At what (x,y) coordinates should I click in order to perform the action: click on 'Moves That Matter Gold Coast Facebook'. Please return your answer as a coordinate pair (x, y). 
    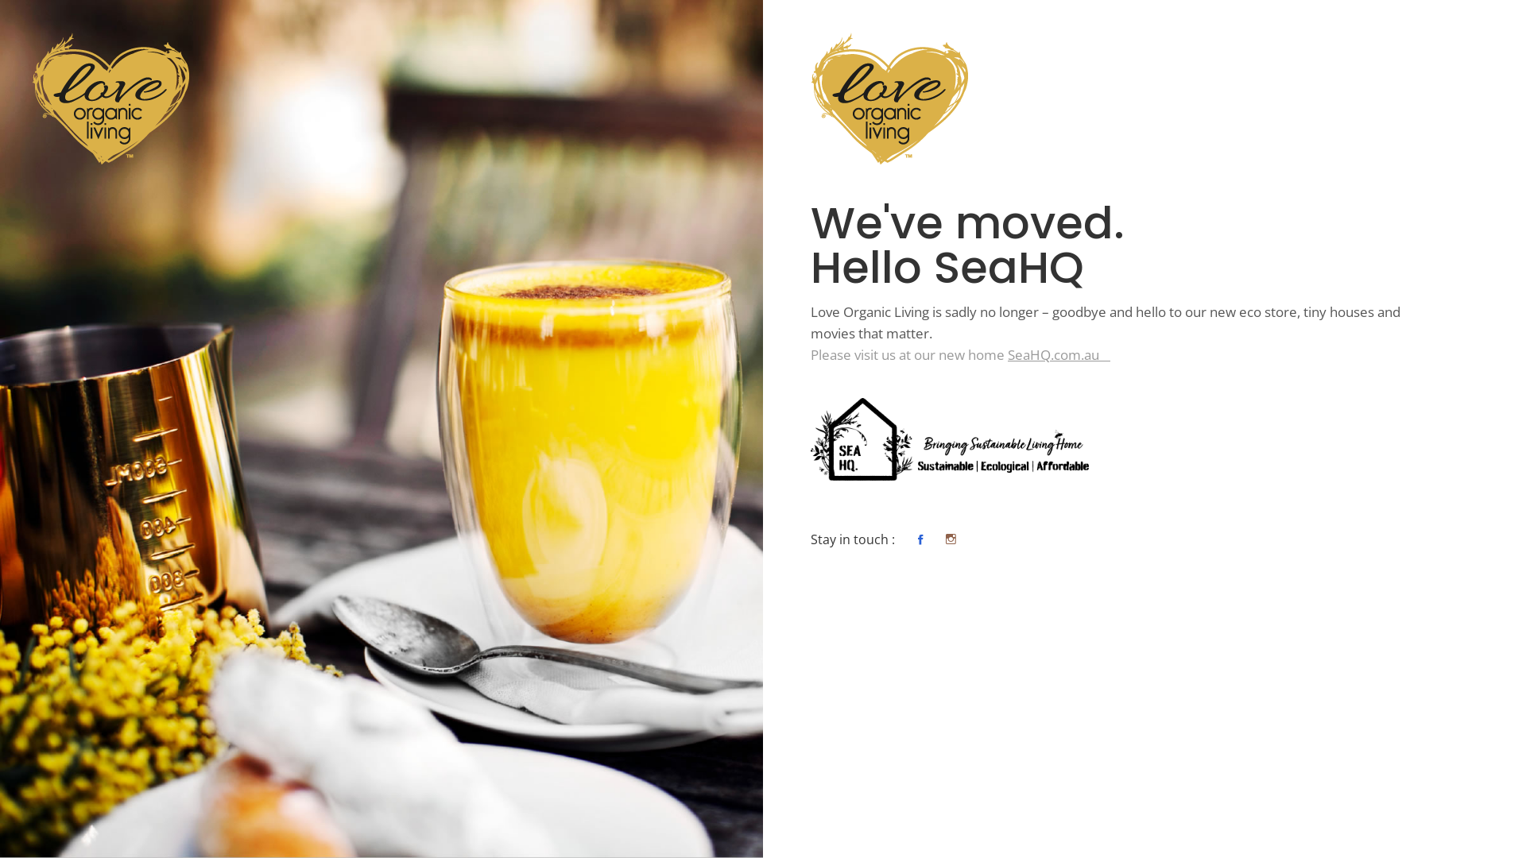
    Looking at the image, I should click on (920, 539).